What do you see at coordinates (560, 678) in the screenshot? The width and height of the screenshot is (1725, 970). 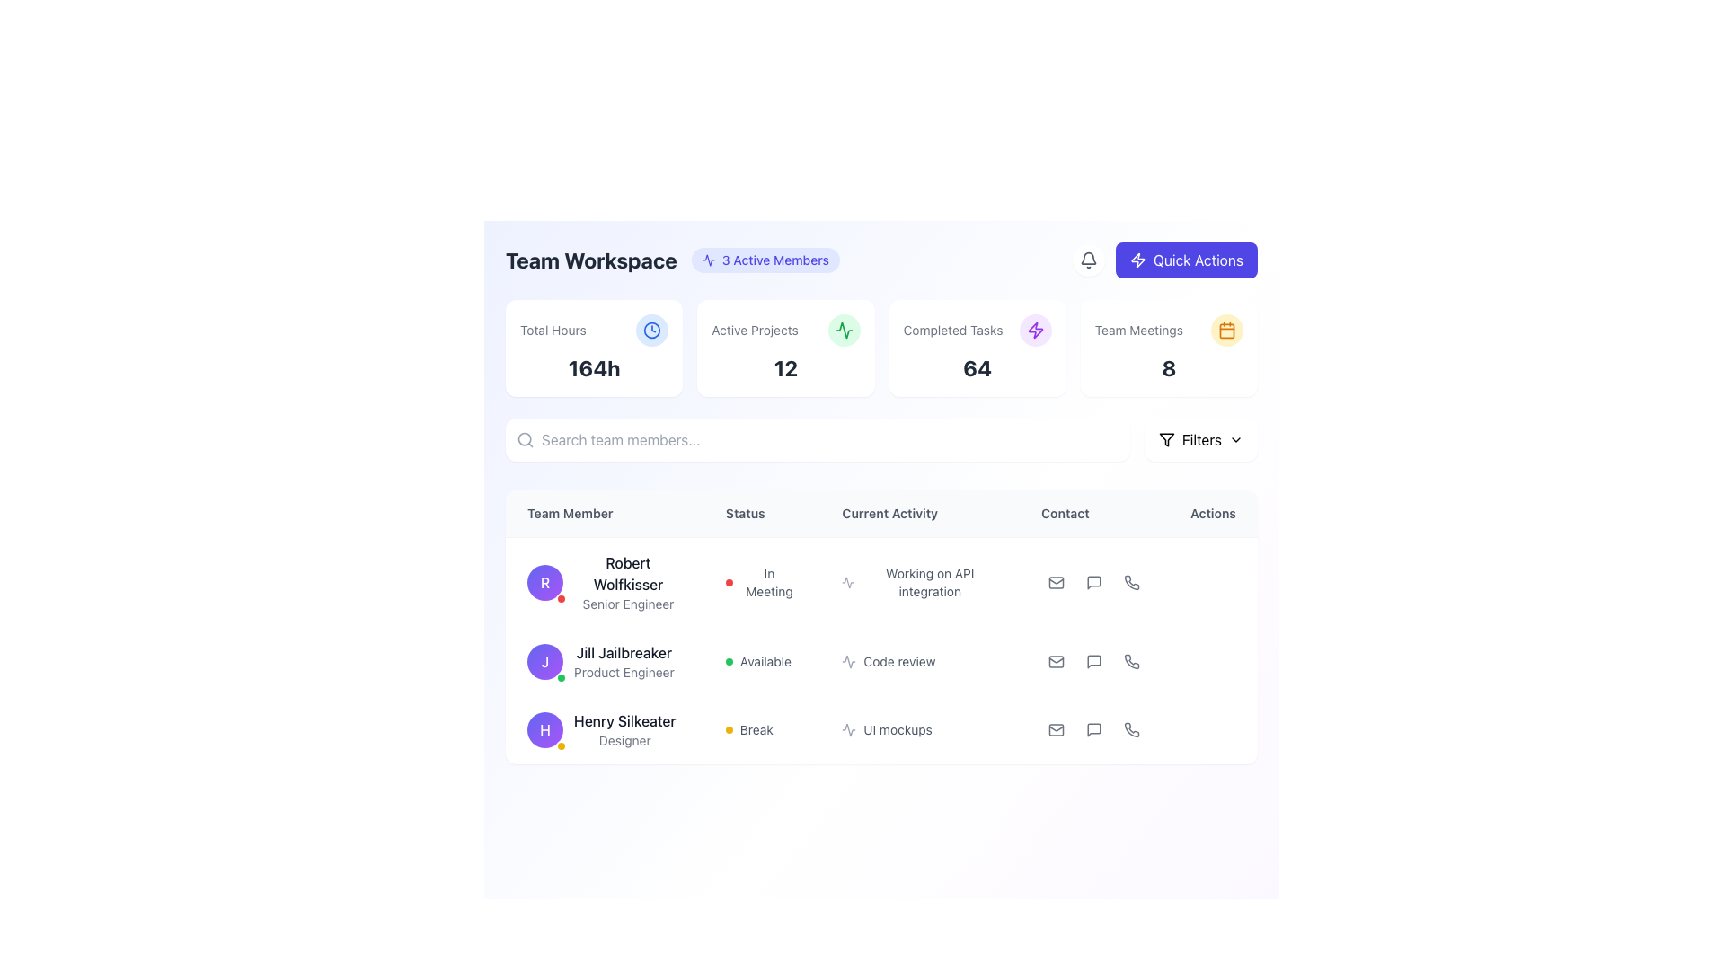 I see `the appearance of the Decorative Indicator located at the bottom-right corner of the profile avatar in the Team Member list` at bounding box center [560, 678].